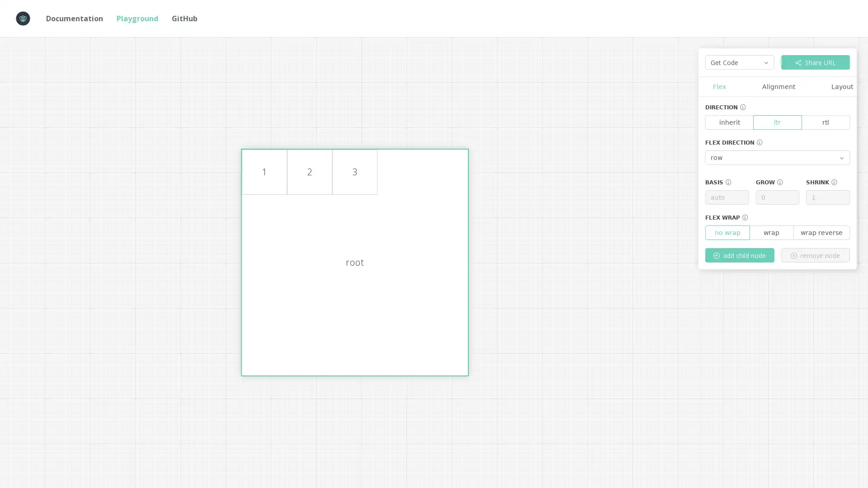 Image resolution: width=868 pixels, height=488 pixels. I want to click on Get Code, so click(740, 62).